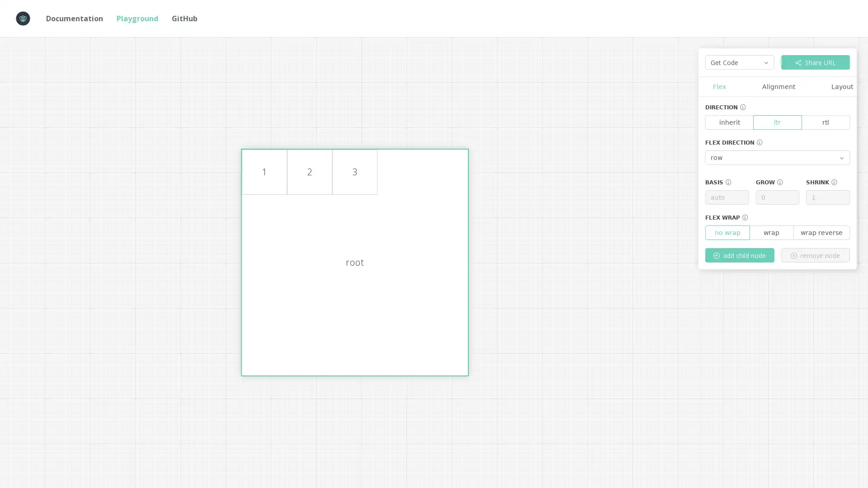 Image resolution: width=868 pixels, height=488 pixels. I want to click on Get Code, so click(740, 62).